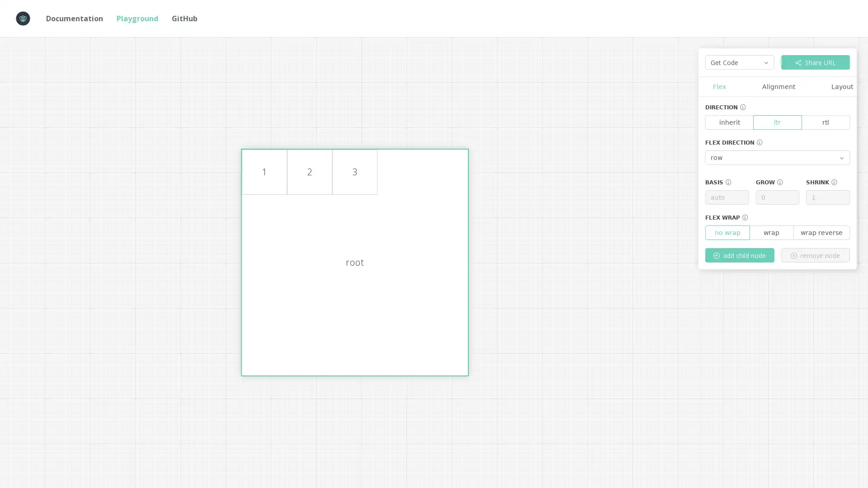 Image resolution: width=868 pixels, height=488 pixels. I want to click on Get Code, so click(740, 62).